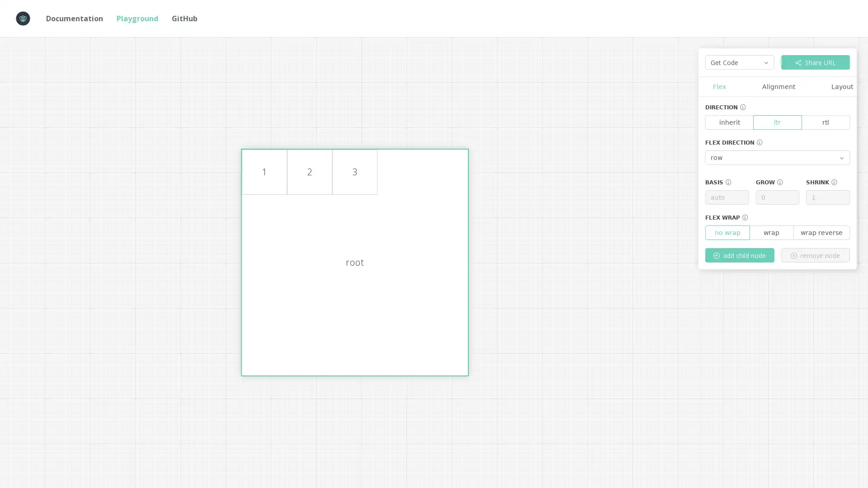 Image resolution: width=868 pixels, height=488 pixels. I want to click on Get Code, so click(740, 62).